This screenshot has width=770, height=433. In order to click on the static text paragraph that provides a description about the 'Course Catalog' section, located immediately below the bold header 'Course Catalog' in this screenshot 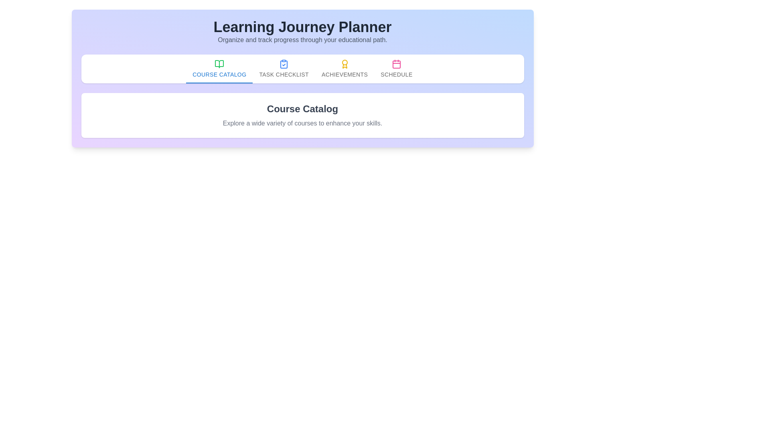, I will do `click(302, 123)`.